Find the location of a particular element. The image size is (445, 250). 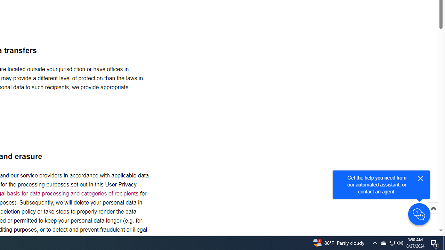

'Scroll to top' is located at coordinates (433, 215).